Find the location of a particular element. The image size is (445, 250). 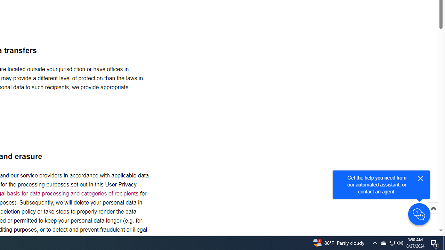

'Scroll to top' is located at coordinates (433, 215).